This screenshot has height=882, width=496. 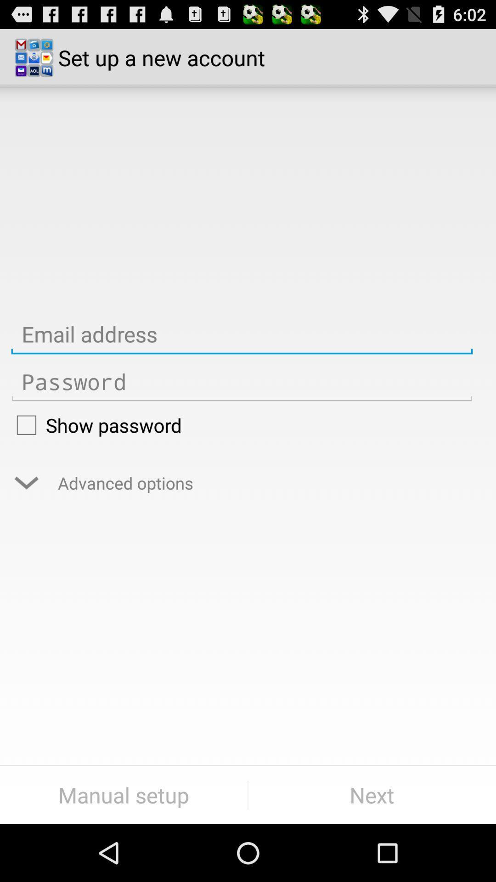 What do you see at coordinates (241, 382) in the screenshot?
I see `password` at bounding box center [241, 382].